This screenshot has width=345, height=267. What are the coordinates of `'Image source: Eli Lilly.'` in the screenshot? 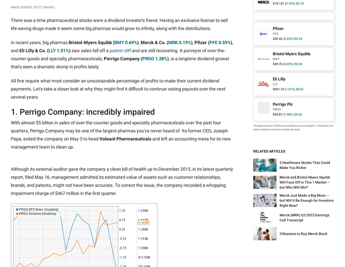 It's located at (28, 10).